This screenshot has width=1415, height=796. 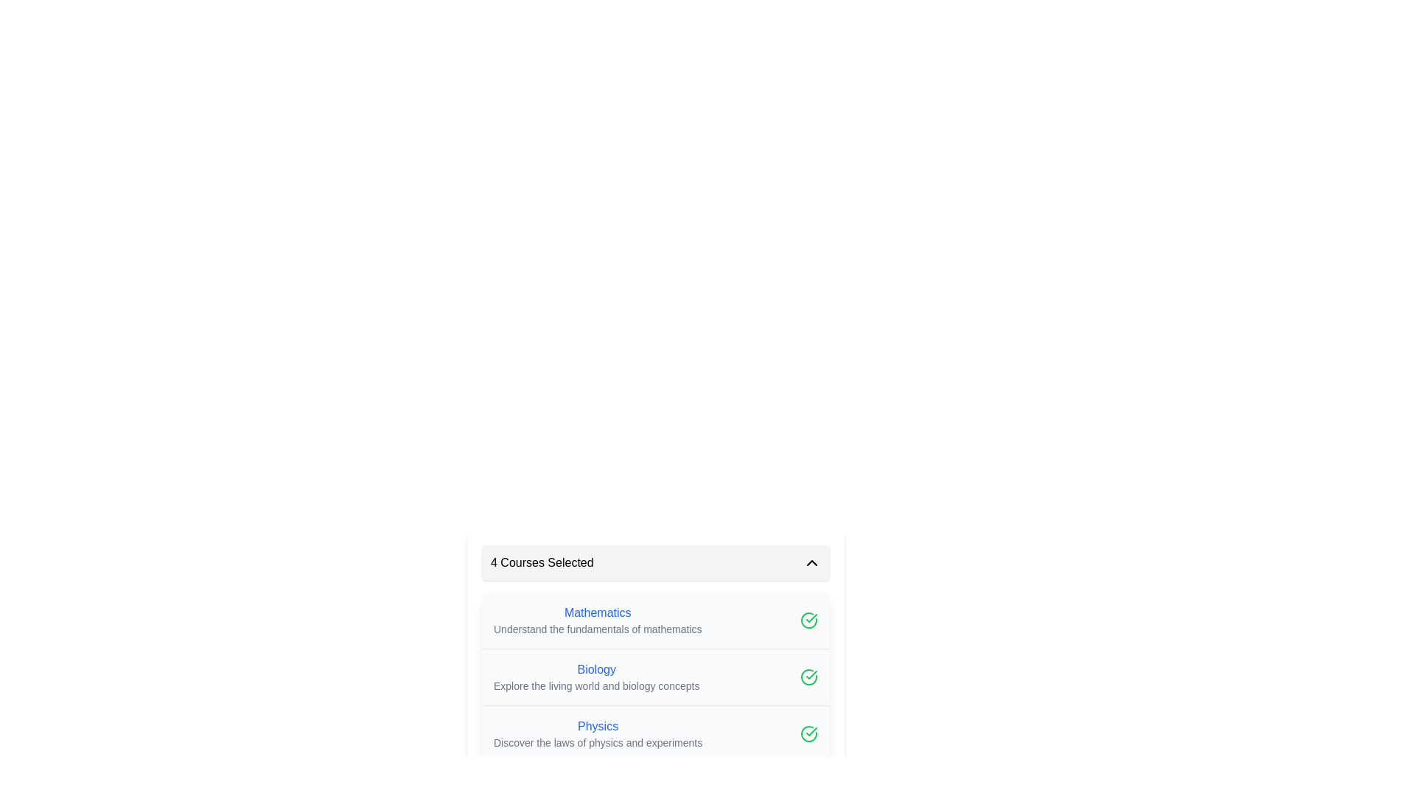 What do you see at coordinates (596, 685) in the screenshot?
I see `the text label displaying 'Explore the living world and biology concepts,' which is styled in gray and located below the 'Biology' label in the educational topics list` at bounding box center [596, 685].